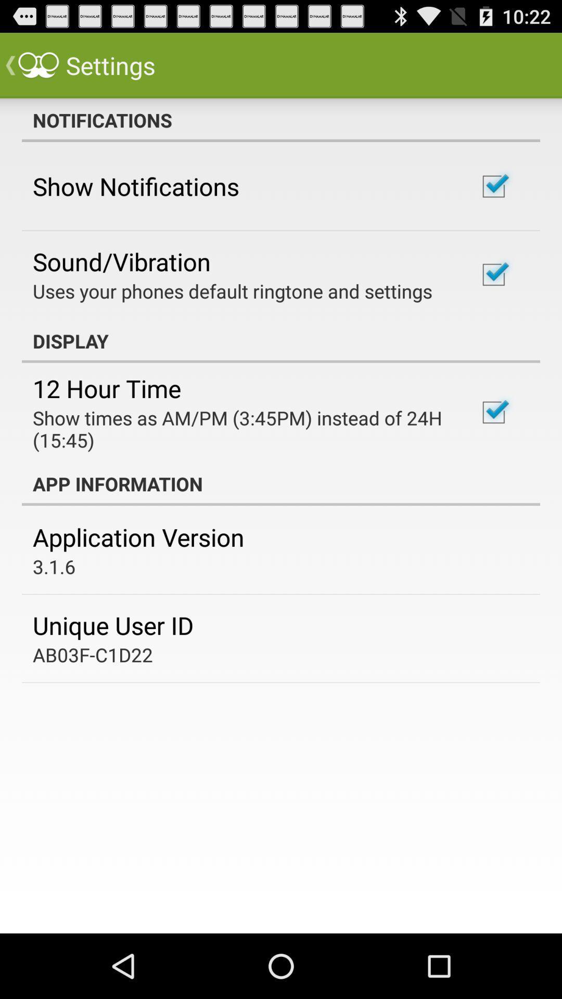  What do you see at coordinates (107, 388) in the screenshot?
I see `12 hour time item` at bounding box center [107, 388].